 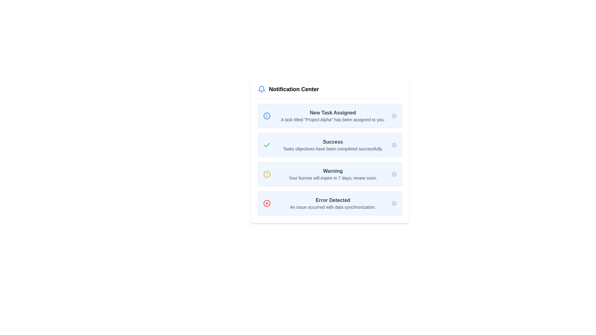 I want to click on the informational text notification stating 'Your license will expire in 7 days; renew soon.' which is located below the 'Warning' heading in the third notification card, so click(x=332, y=178).